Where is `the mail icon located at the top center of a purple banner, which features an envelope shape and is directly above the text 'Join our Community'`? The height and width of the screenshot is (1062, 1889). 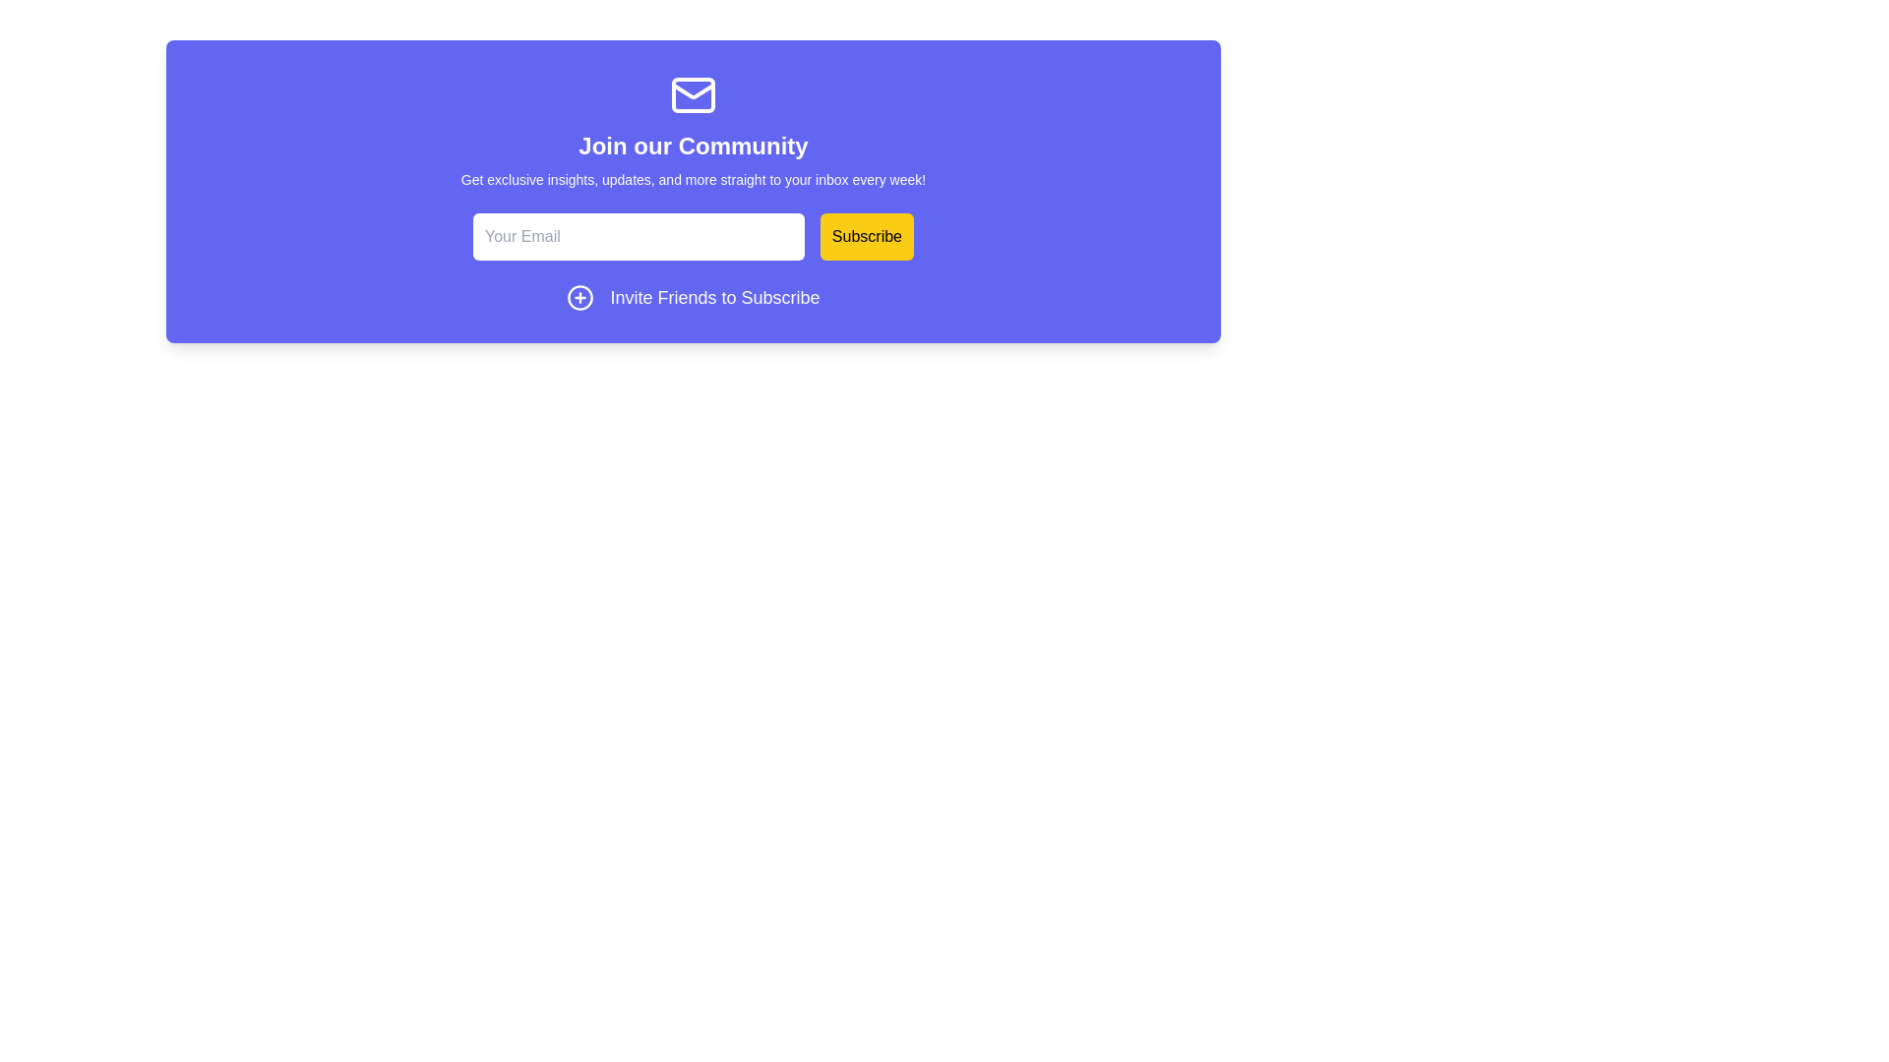
the mail icon located at the top center of a purple banner, which features an envelope shape and is directly above the text 'Join our Community' is located at coordinates (694, 94).